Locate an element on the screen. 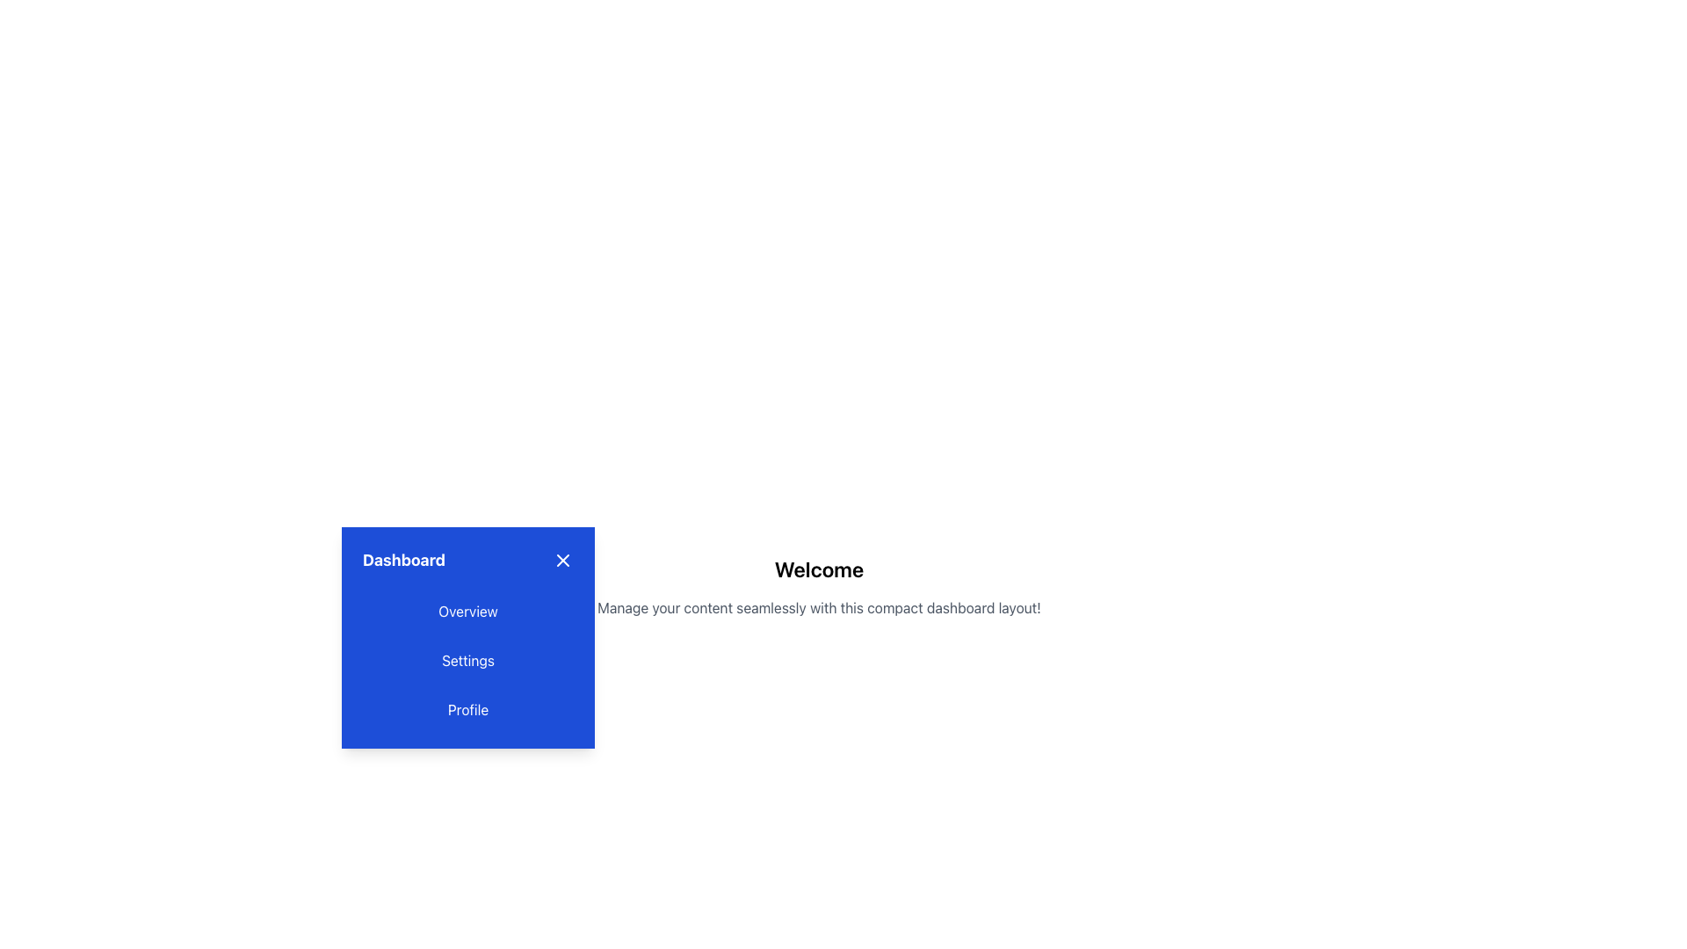 Image resolution: width=1687 pixels, height=949 pixels. the 'Overview' hyperlink in the navigation menu is located at coordinates (467, 610).